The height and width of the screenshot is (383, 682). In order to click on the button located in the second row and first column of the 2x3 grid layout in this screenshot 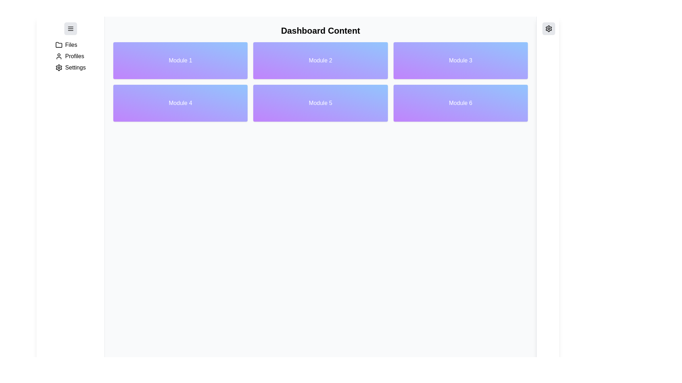, I will do `click(180, 103)`.